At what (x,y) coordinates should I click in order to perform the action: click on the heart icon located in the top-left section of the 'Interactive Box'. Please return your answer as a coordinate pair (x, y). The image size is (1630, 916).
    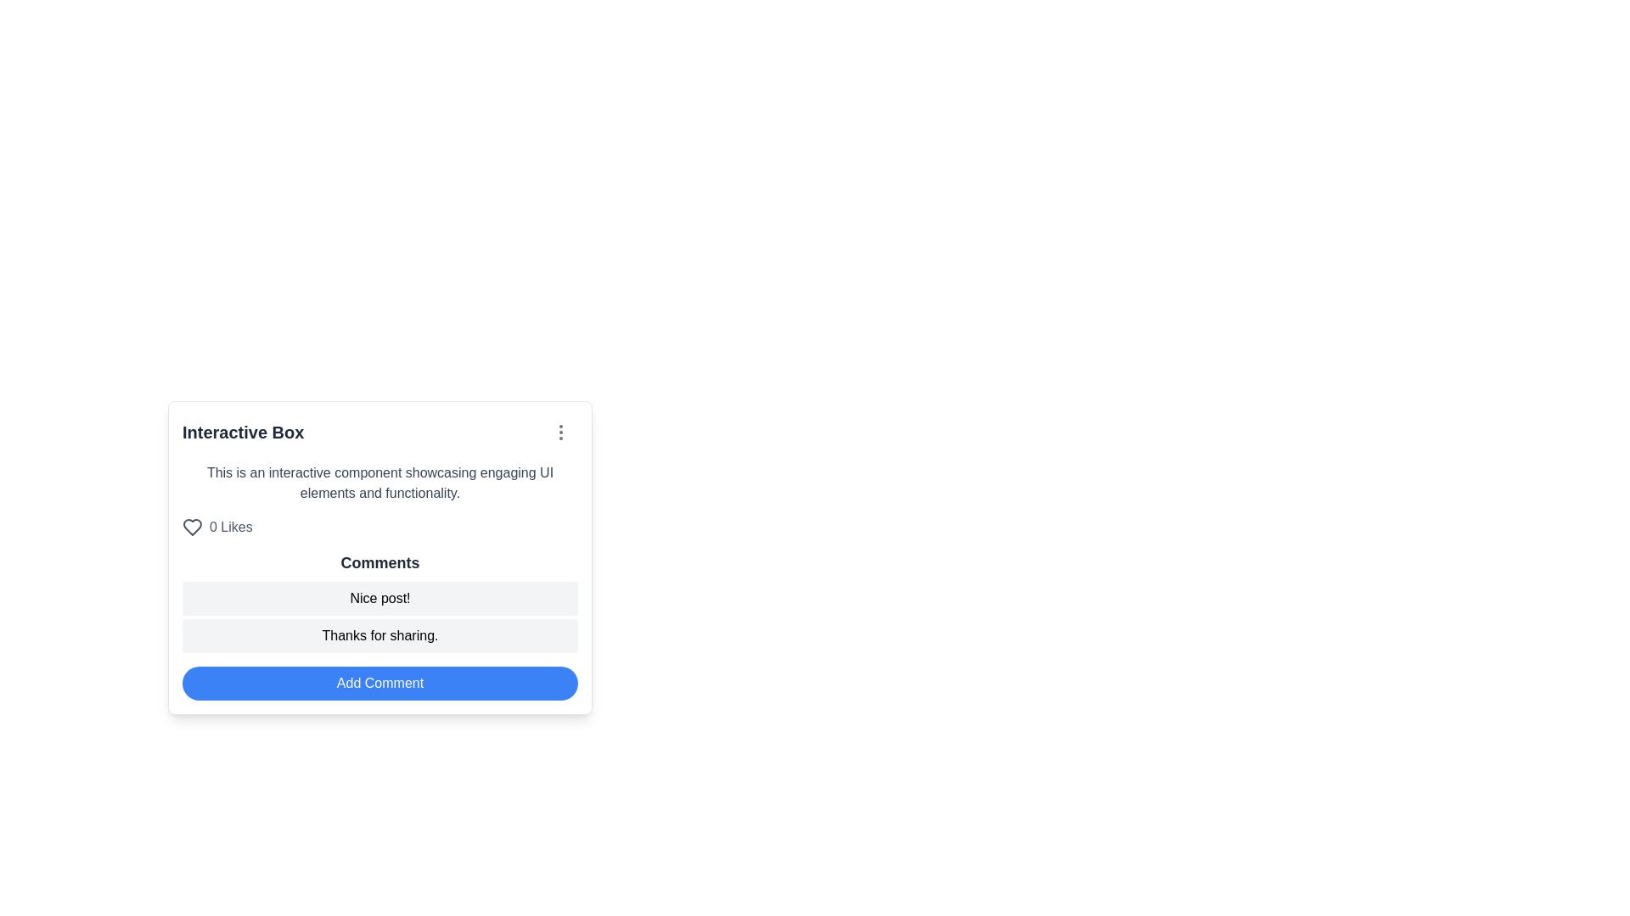
    Looking at the image, I should click on (192, 526).